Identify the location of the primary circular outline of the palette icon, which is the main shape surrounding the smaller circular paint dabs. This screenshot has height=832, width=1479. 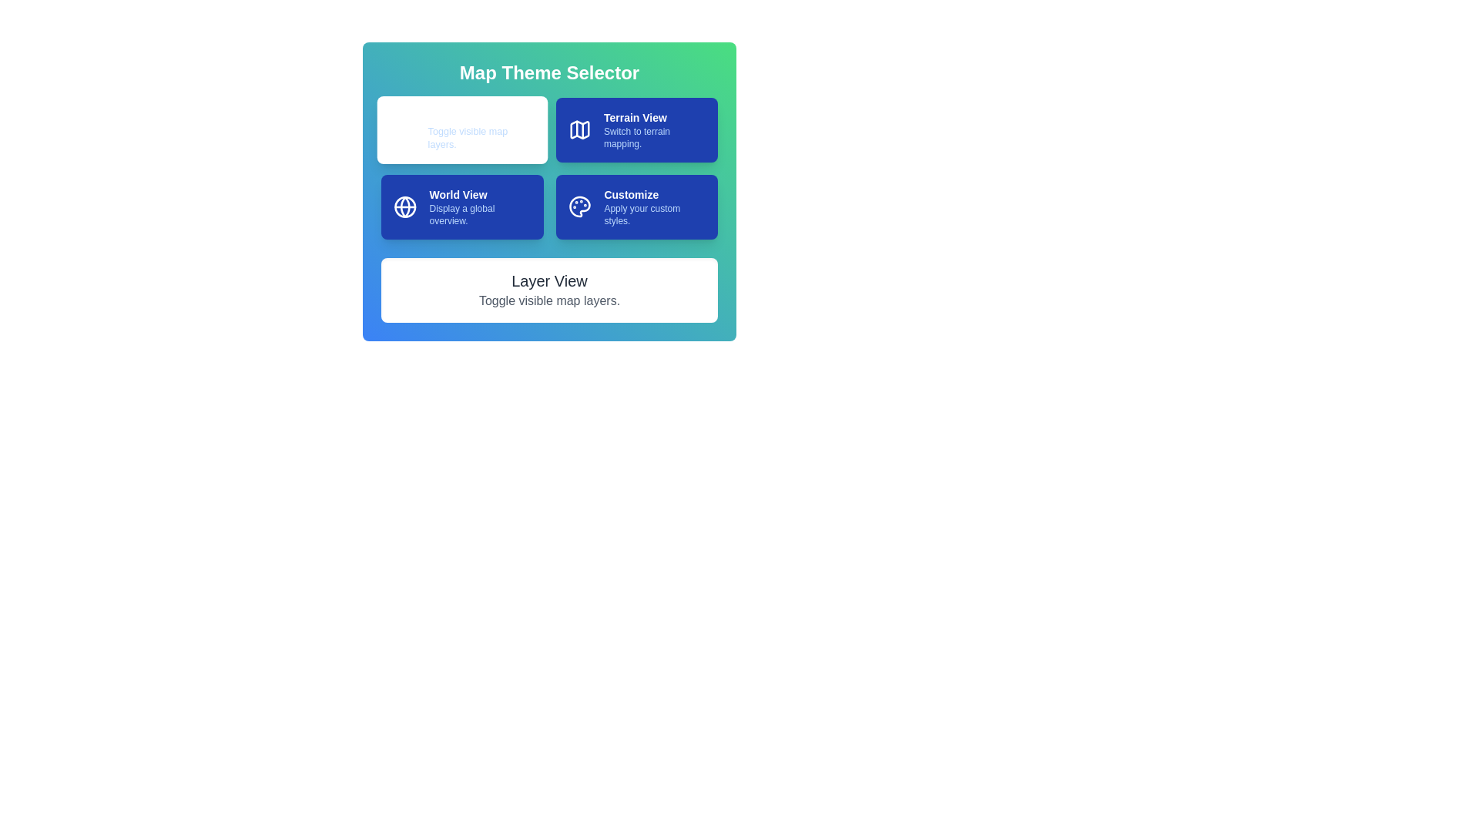
(579, 206).